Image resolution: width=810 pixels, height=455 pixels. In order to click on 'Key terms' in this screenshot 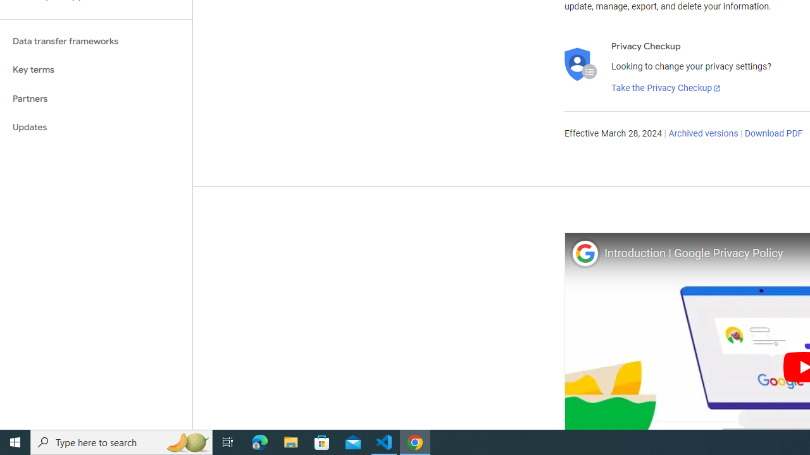, I will do `click(96, 70)`.